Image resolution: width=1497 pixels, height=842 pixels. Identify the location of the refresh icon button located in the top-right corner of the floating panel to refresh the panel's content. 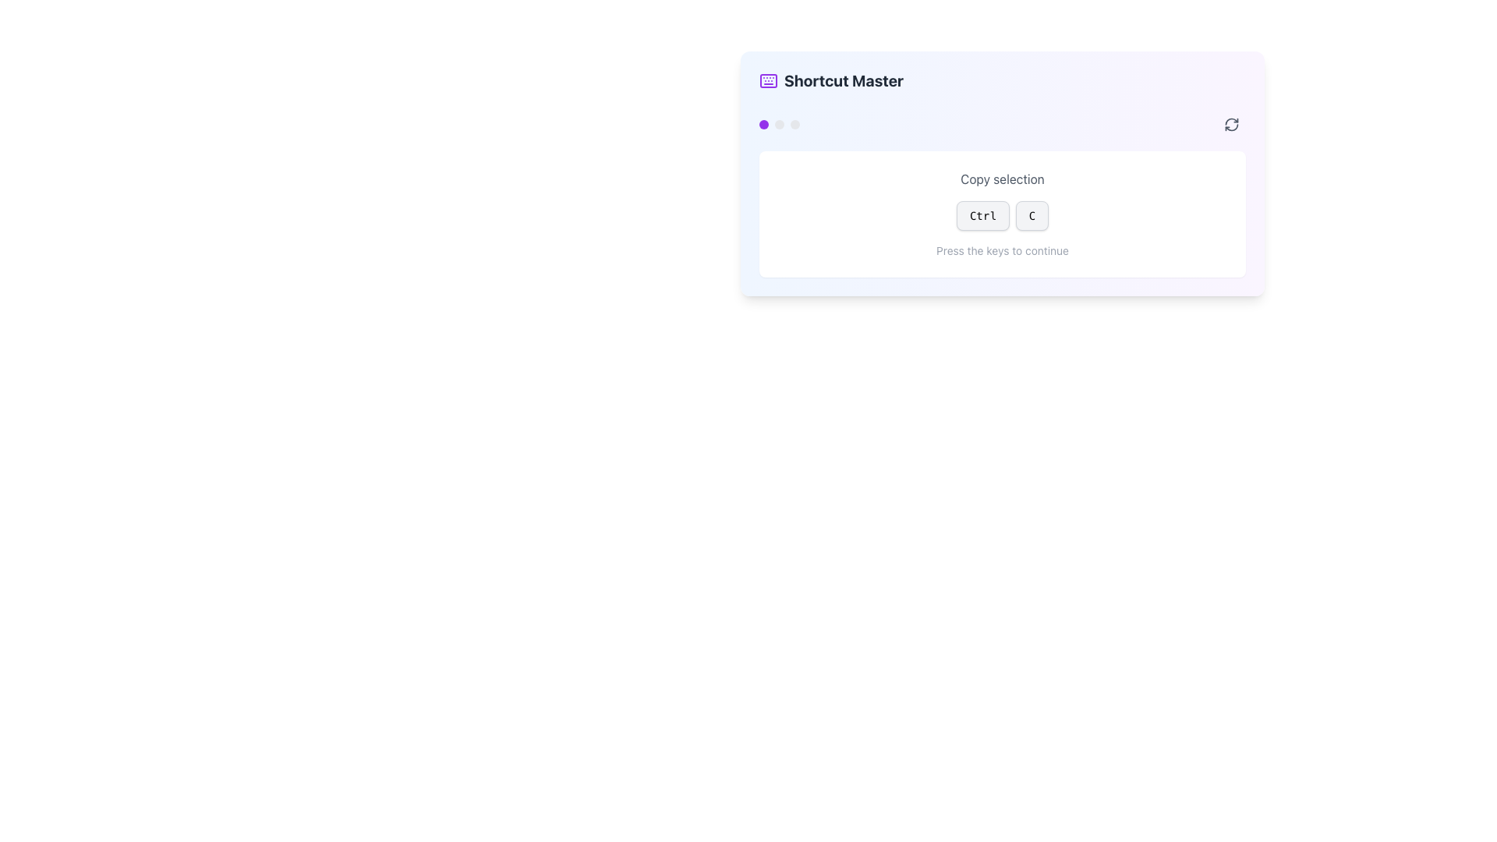
(1230, 123).